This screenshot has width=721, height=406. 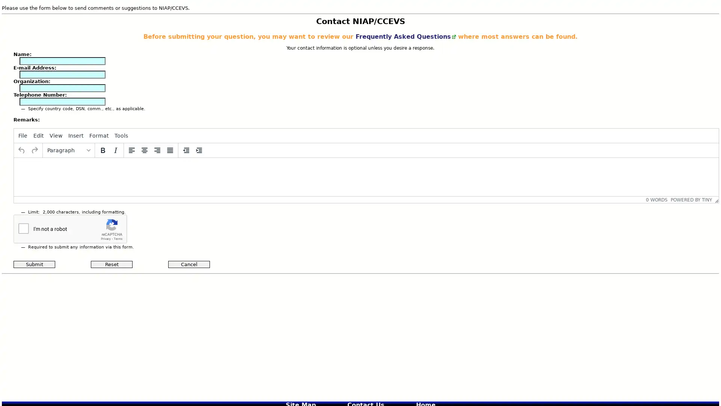 I want to click on Bold, so click(x=102, y=150).